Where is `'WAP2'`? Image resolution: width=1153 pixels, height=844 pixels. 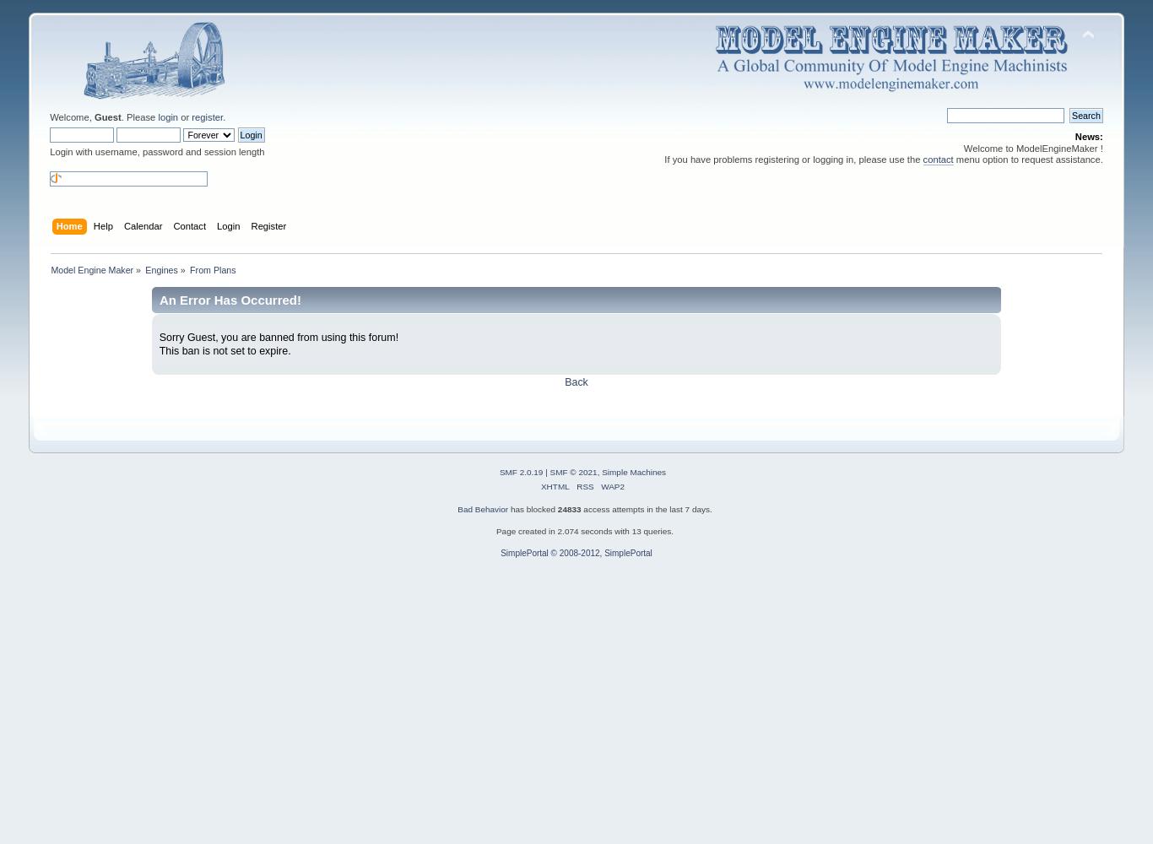 'WAP2' is located at coordinates (613, 485).